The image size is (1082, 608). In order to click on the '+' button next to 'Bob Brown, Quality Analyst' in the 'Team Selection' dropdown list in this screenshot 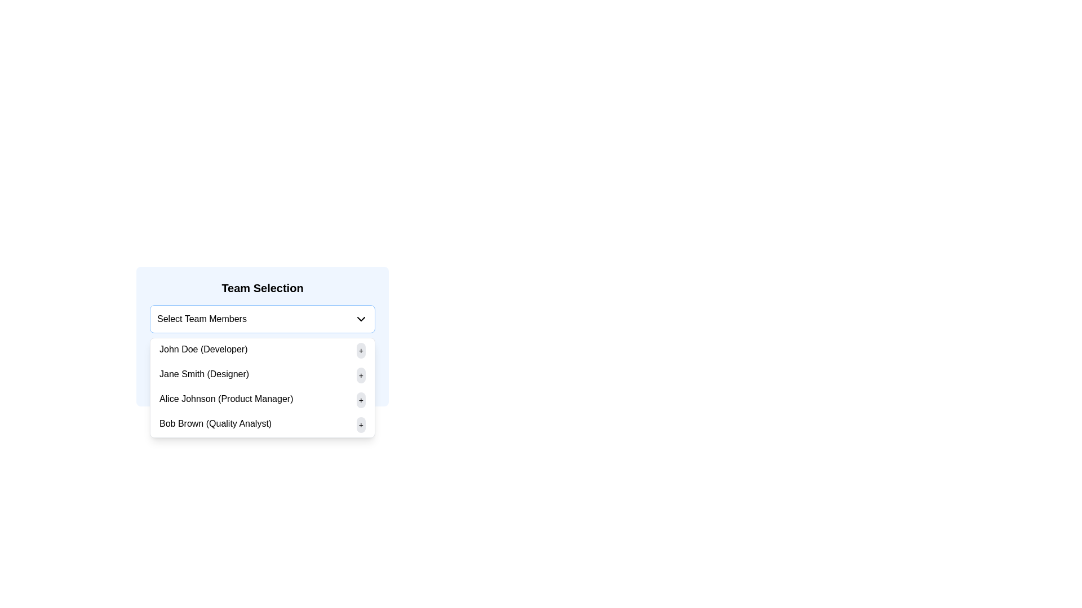, I will do `click(261, 425)`.